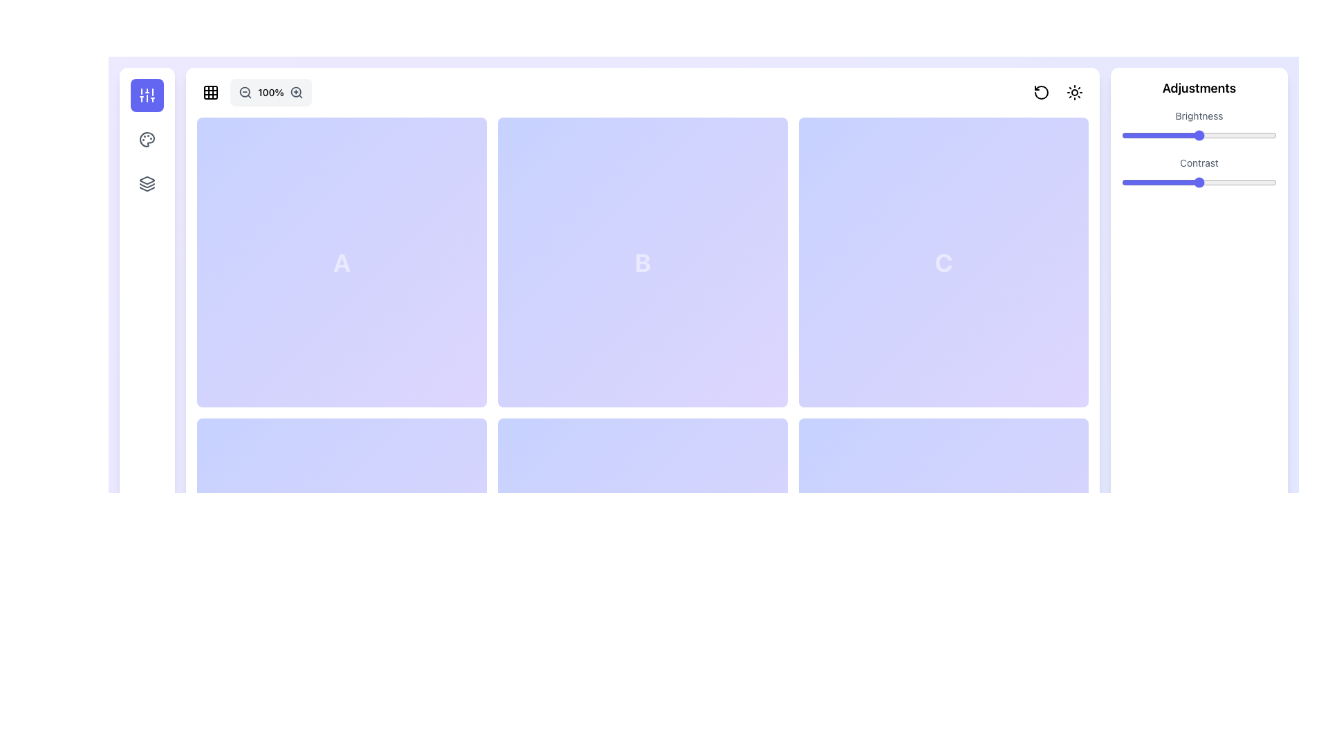 The image size is (1328, 747). What do you see at coordinates (270, 93) in the screenshot?
I see `the label that represents the current display zoom level, which is centrally located in the horizontal toolbar at the top of the view, positioned between the zoom in and zoom out icons` at bounding box center [270, 93].